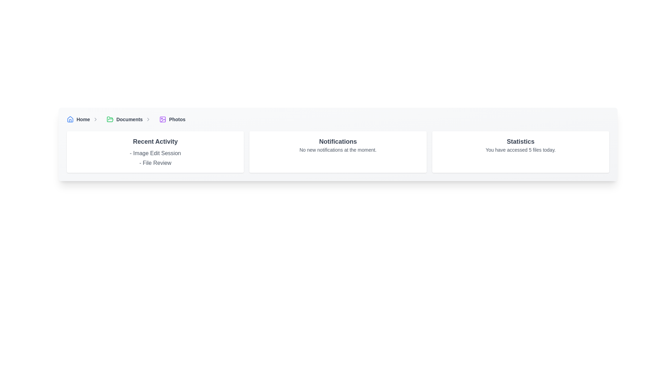 This screenshot has width=665, height=374. I want to click on keyboard navigation, so click(70, 119).